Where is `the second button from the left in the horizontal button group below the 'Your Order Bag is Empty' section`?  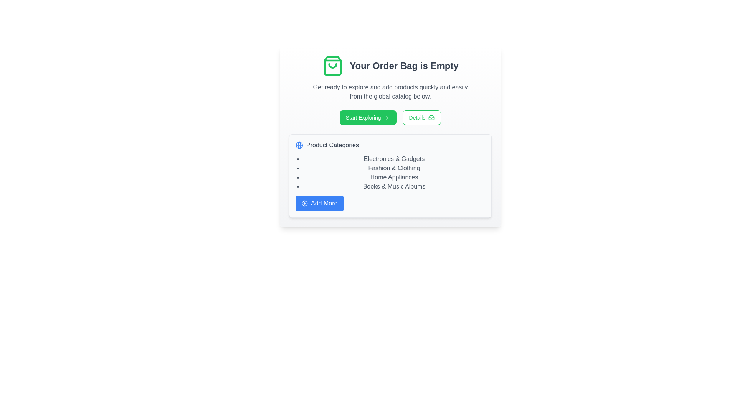
the second button from the left in the horizontal button group below the 'Your Order Bag is Empty' section is located at coordinates (421, 118).